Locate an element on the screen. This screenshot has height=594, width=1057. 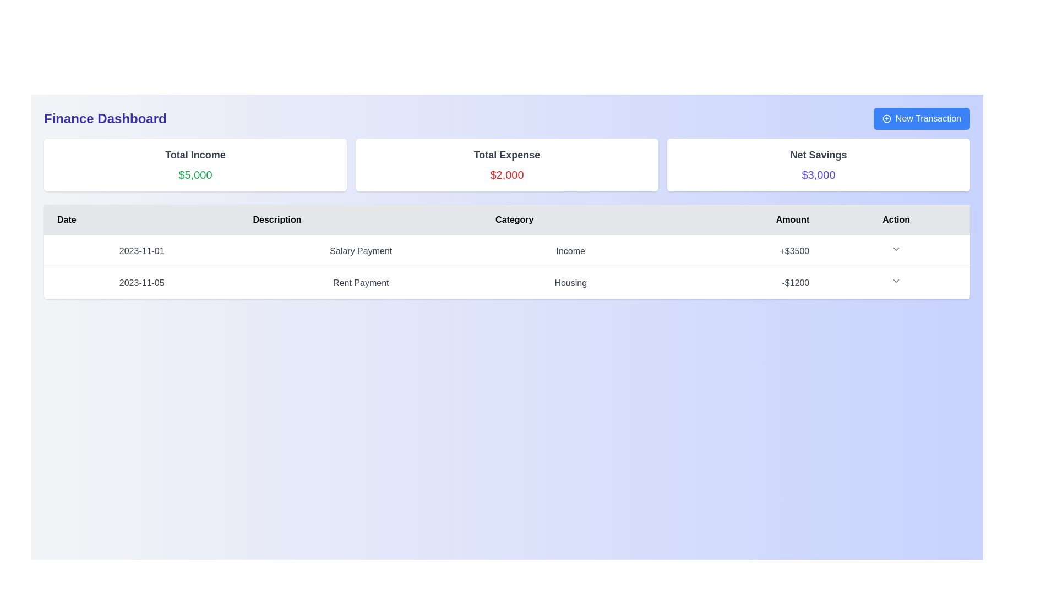
the Informational Box that summarizes the total income figure for the financial dashboard, positioned as the leftmost box in a row of financial summaries is located at coordinates (195, 165).